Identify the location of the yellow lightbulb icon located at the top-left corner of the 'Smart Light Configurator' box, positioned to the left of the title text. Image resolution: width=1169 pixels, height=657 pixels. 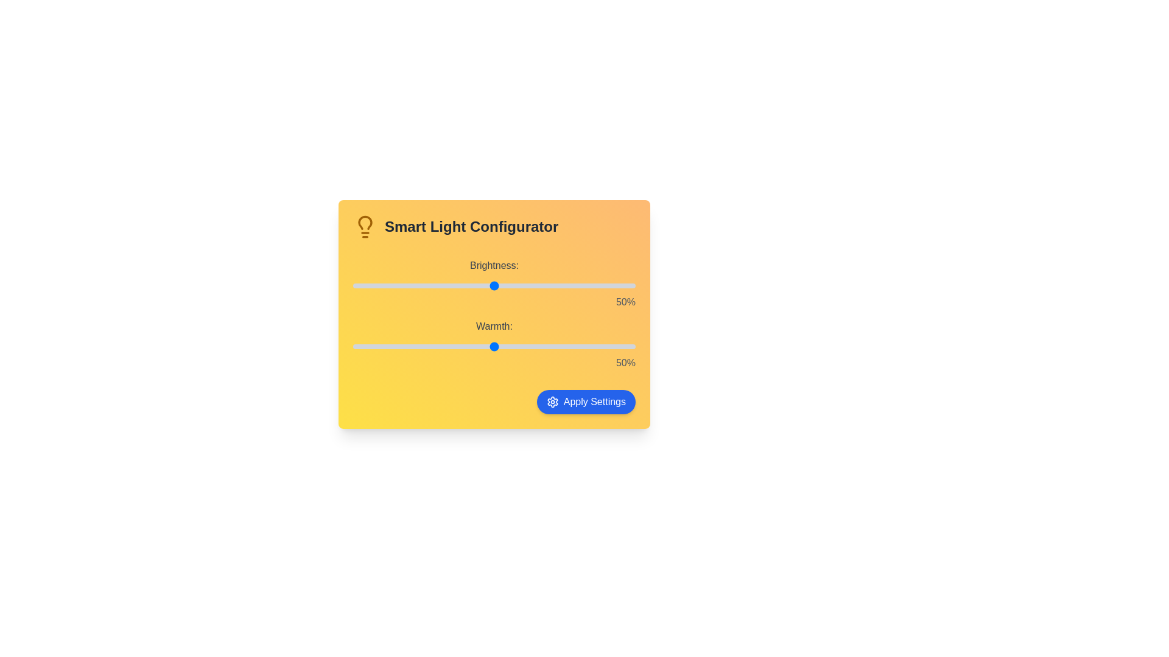
(365, 227).